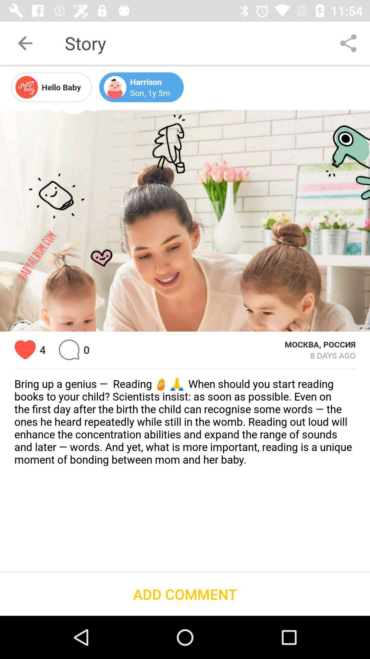 The width and height of the screenshot is (370, 659). Describe the element at coordinates (25, 350) in the screenshot. I see `icon to the left of 4` at that location.